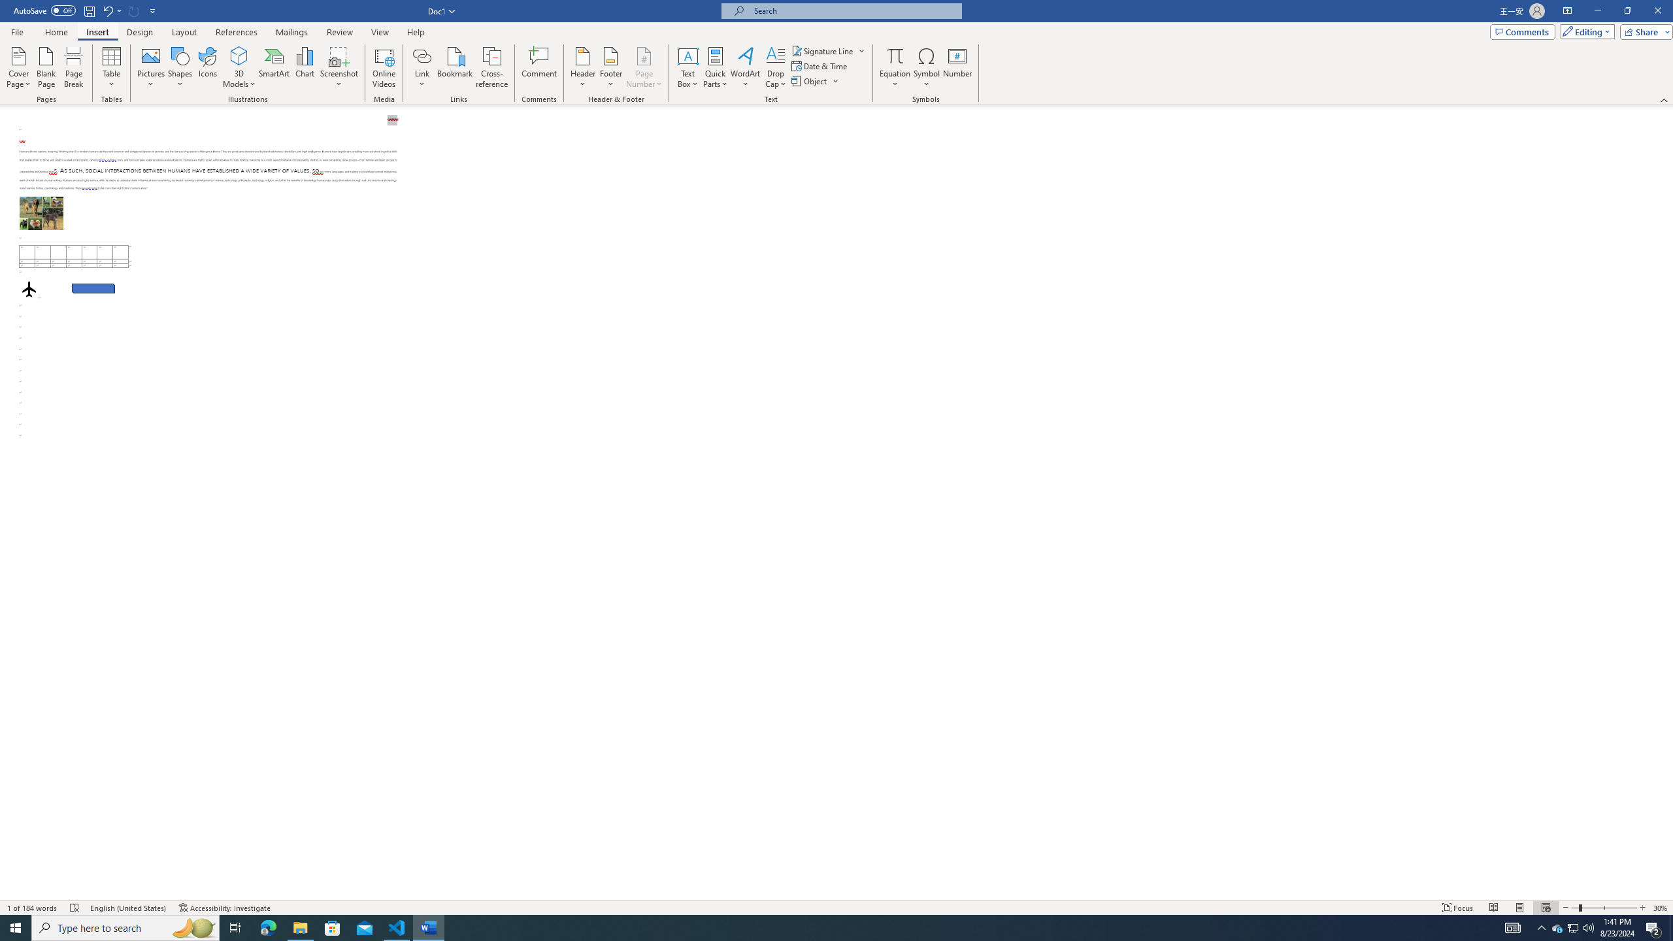  Describe the element at coordinates (1519, 908) in the screenshot. I see `'Print Layout'` at that location.